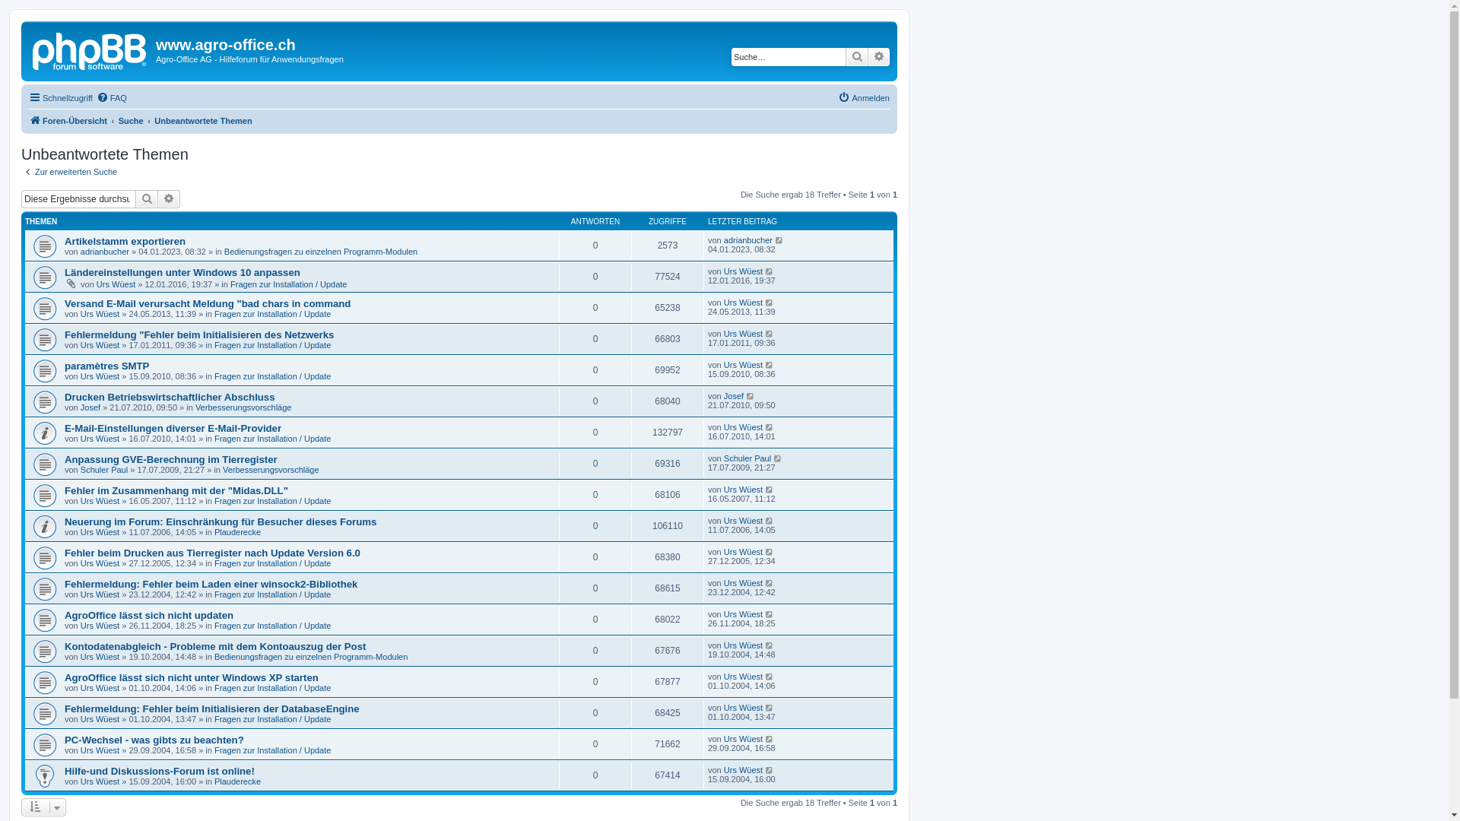  I want to click on 'Fehlermeldung: Fehler beim Laden einer winsock2-Bibliothek', so click(210, 583).